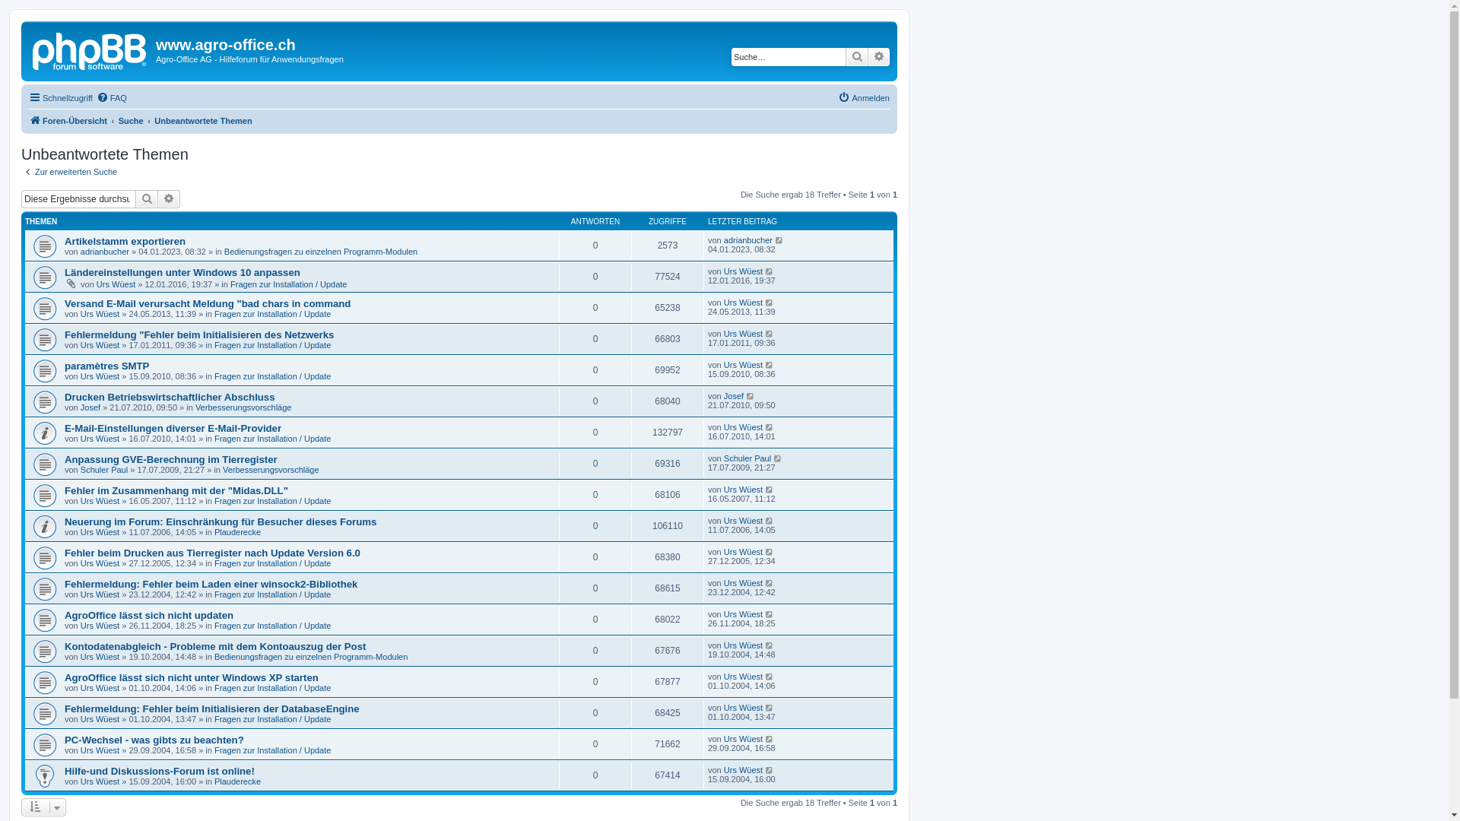  I want to click on 'Fehlermeldung: Fehler beim Laden einer winsock2-Bibliothek', so click(210, 583).